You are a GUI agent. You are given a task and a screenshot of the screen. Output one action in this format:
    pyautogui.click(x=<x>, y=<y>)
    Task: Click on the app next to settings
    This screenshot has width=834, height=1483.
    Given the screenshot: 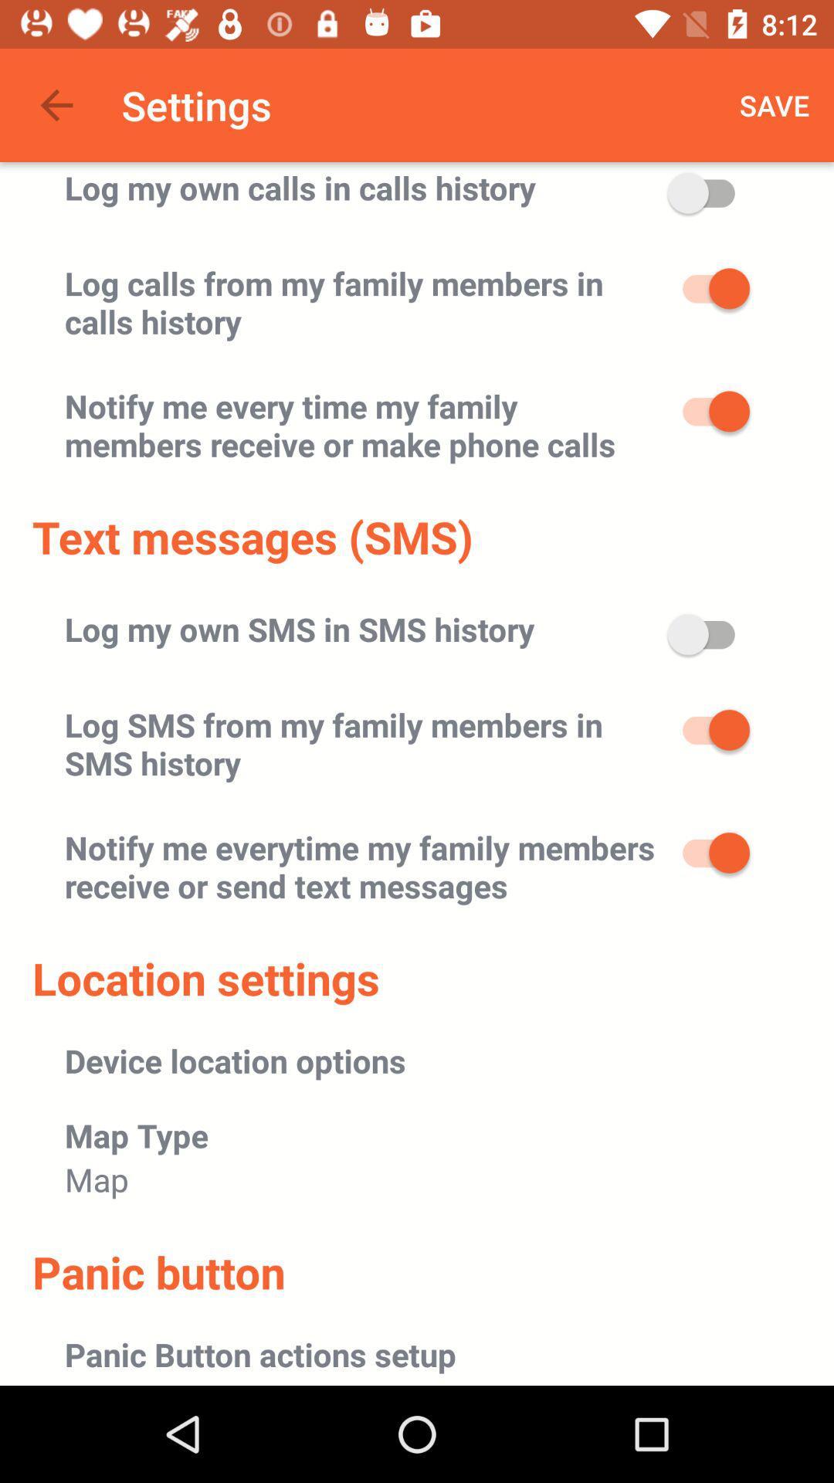 What is the action you would take?
    pyautogui.click(x=56, y=104)
    